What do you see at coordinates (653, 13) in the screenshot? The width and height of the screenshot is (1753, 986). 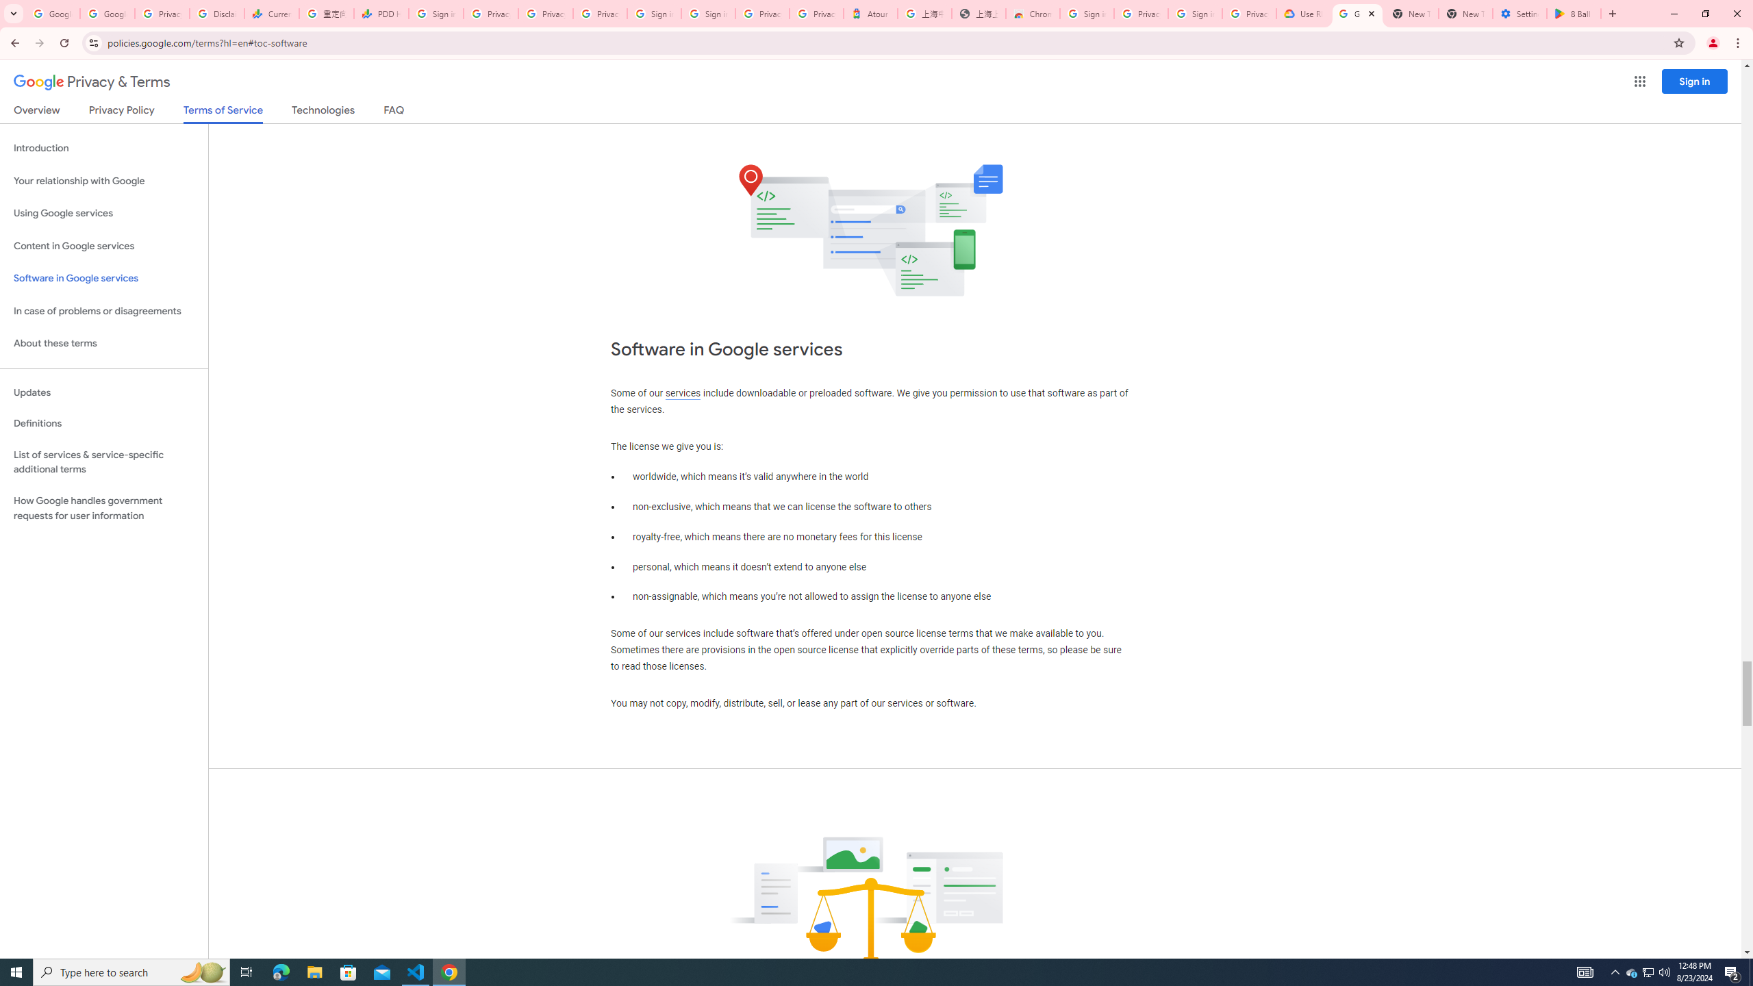 I see `'Sign in - Google Accounts'` at bounding box center [653, 13].